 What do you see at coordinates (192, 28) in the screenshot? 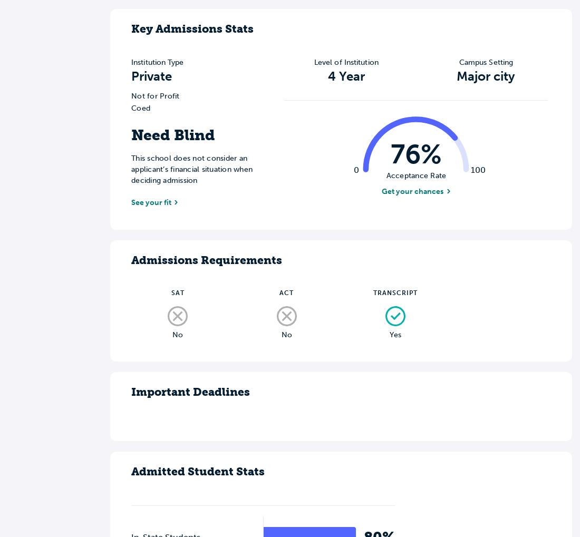
I see `'Key Admissions Stats'` at bounding box center [192, 28].